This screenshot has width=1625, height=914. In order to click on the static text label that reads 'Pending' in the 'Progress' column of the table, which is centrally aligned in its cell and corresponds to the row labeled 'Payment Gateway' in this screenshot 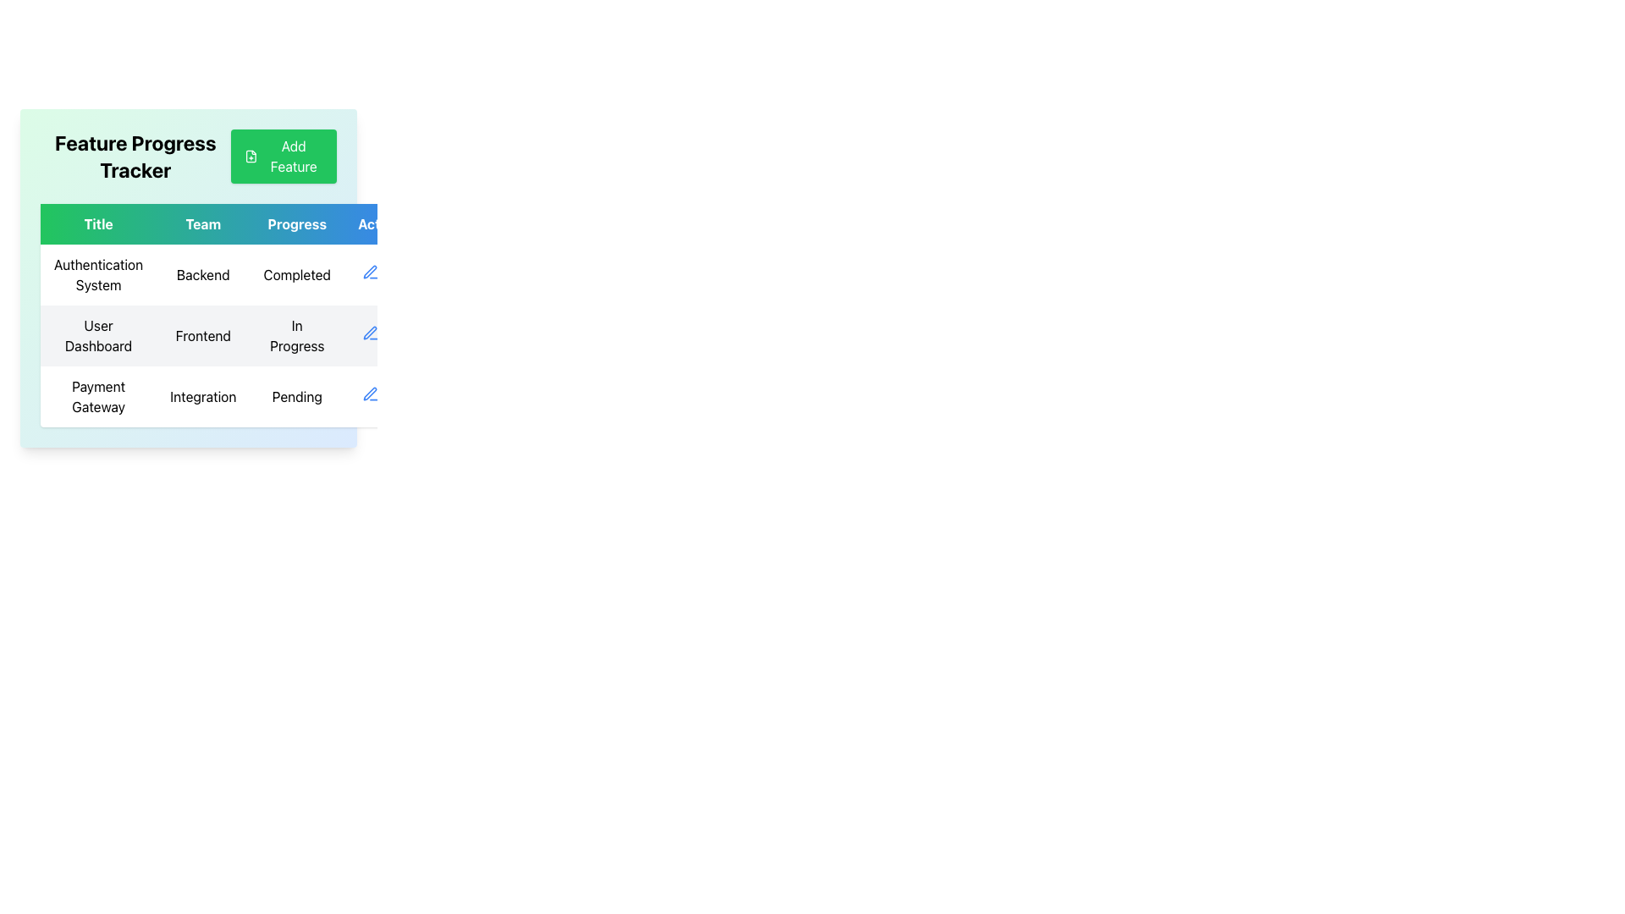, I will do `click(297, 397)`.